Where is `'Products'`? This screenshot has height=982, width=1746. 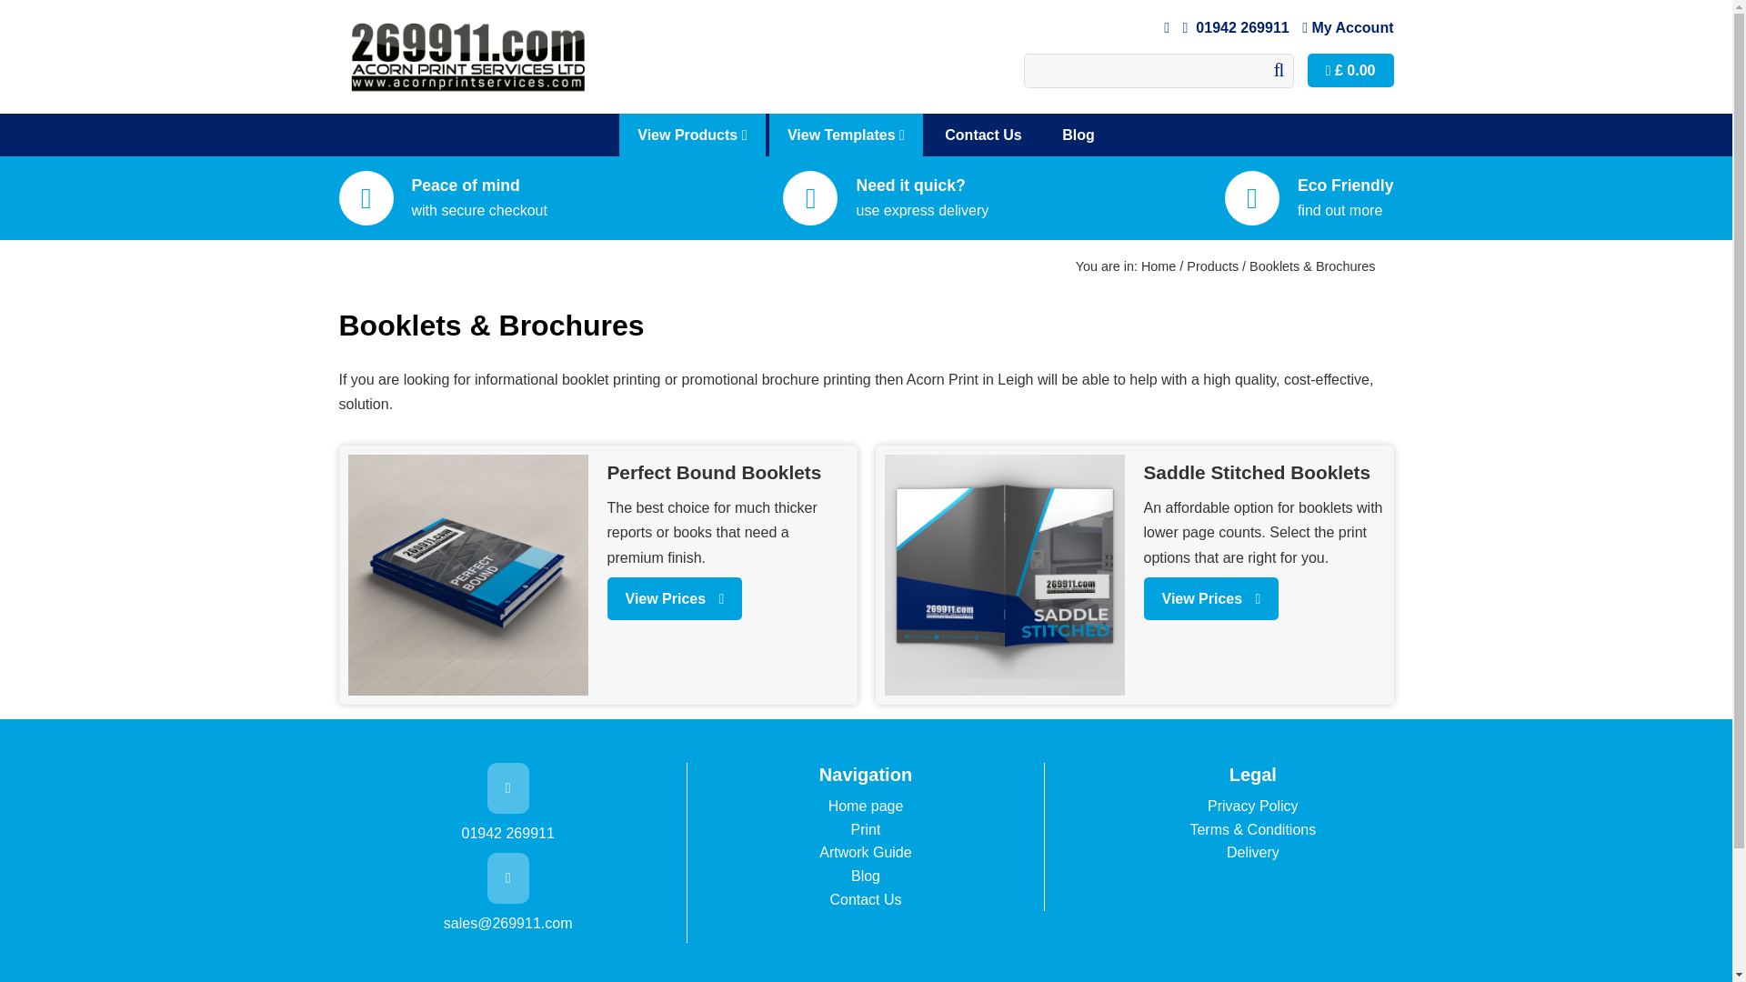
'Products' is located at coordinates (1212, 266).